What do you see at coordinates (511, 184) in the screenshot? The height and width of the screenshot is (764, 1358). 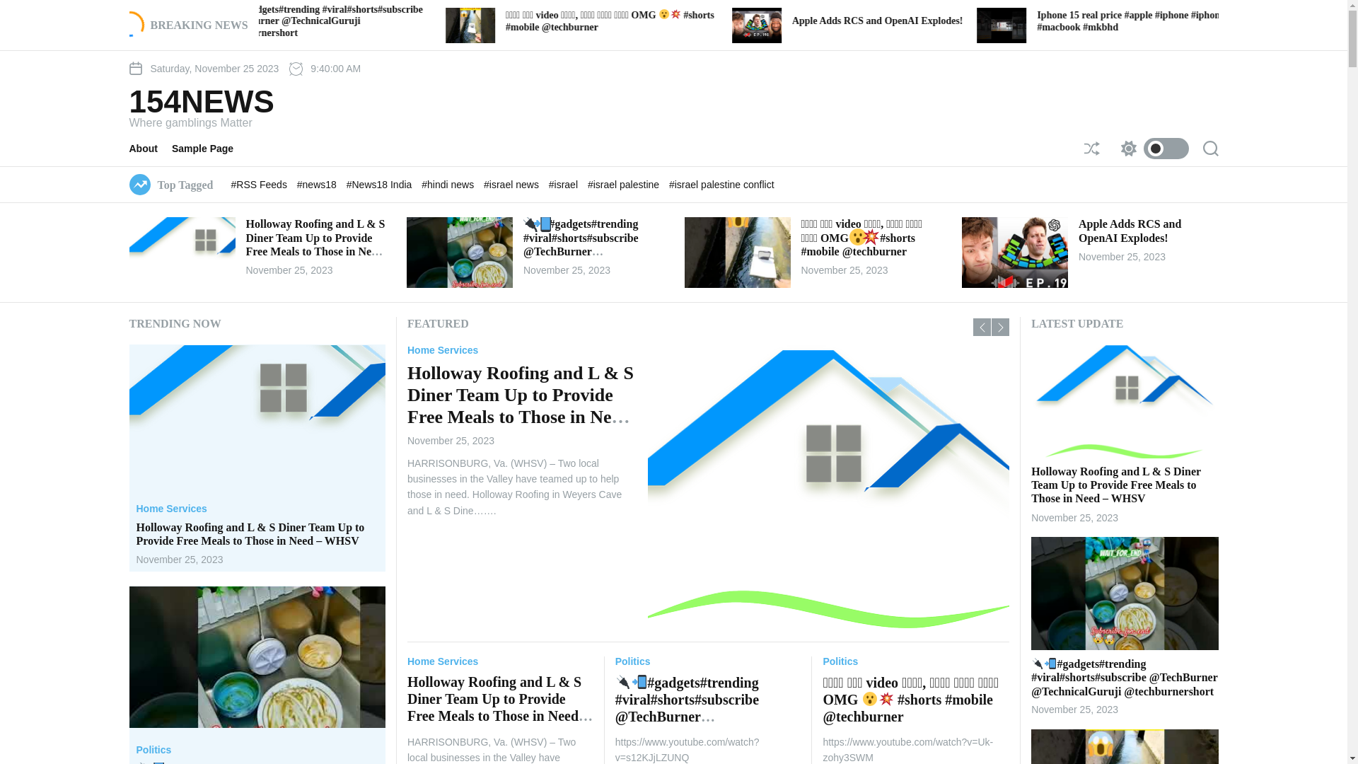 I see `'#israel news'` at bounding box center [511, 184].